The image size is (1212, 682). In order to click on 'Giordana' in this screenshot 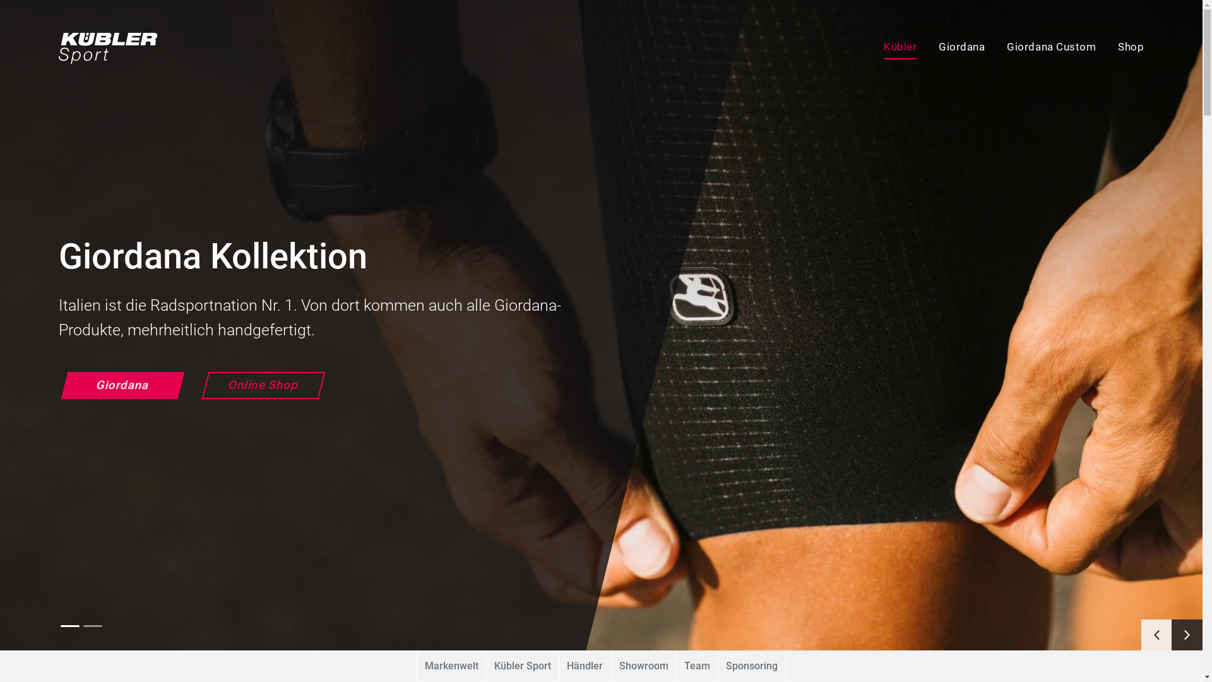, I will do `click(951, 47)`.